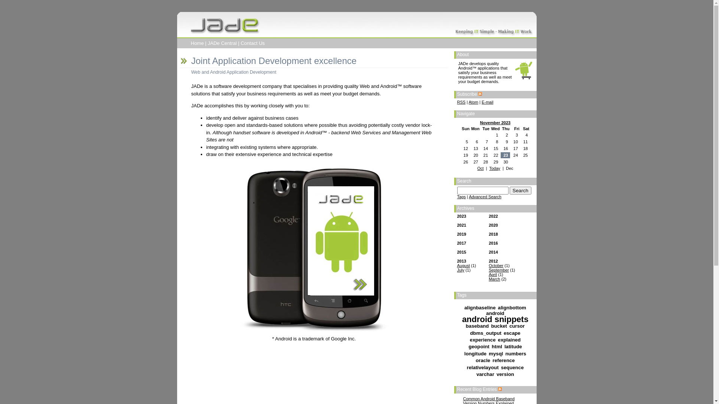 The image size is (719, 404). What do you see at coordinates (489, 279) in the screenshot?
I see `'March'` at bounding box center [489, 279].